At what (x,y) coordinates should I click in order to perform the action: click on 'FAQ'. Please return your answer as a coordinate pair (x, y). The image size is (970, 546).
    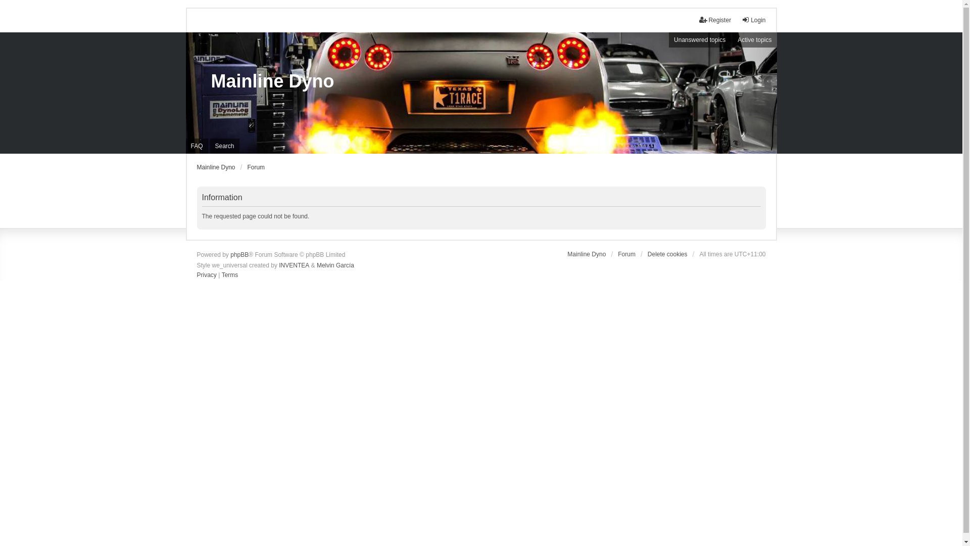
    Looking at the image, I should click on (197, 146).